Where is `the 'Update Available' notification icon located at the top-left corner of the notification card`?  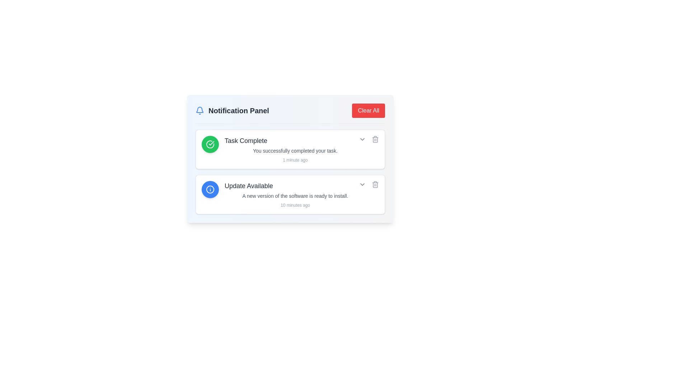
the 'Update Available' notification icon located at the top-left corner of the notification card is located at coordinates (210, 189).